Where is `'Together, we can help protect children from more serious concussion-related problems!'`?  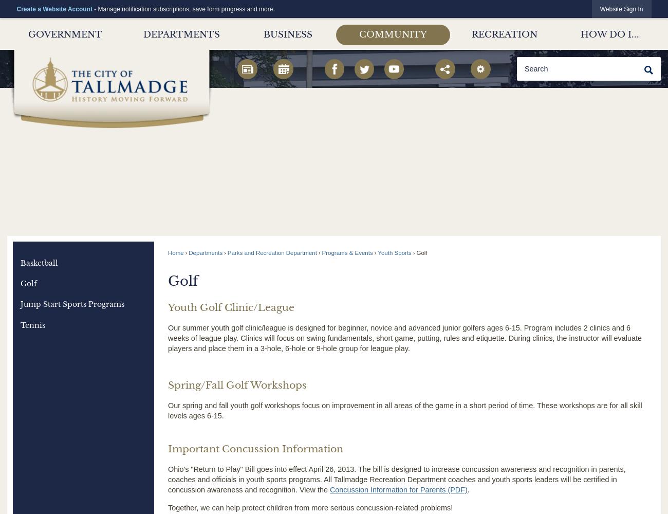
'Together, we can help protect children from more serious concussion-related problems!' is located at coordinates (310, 507).